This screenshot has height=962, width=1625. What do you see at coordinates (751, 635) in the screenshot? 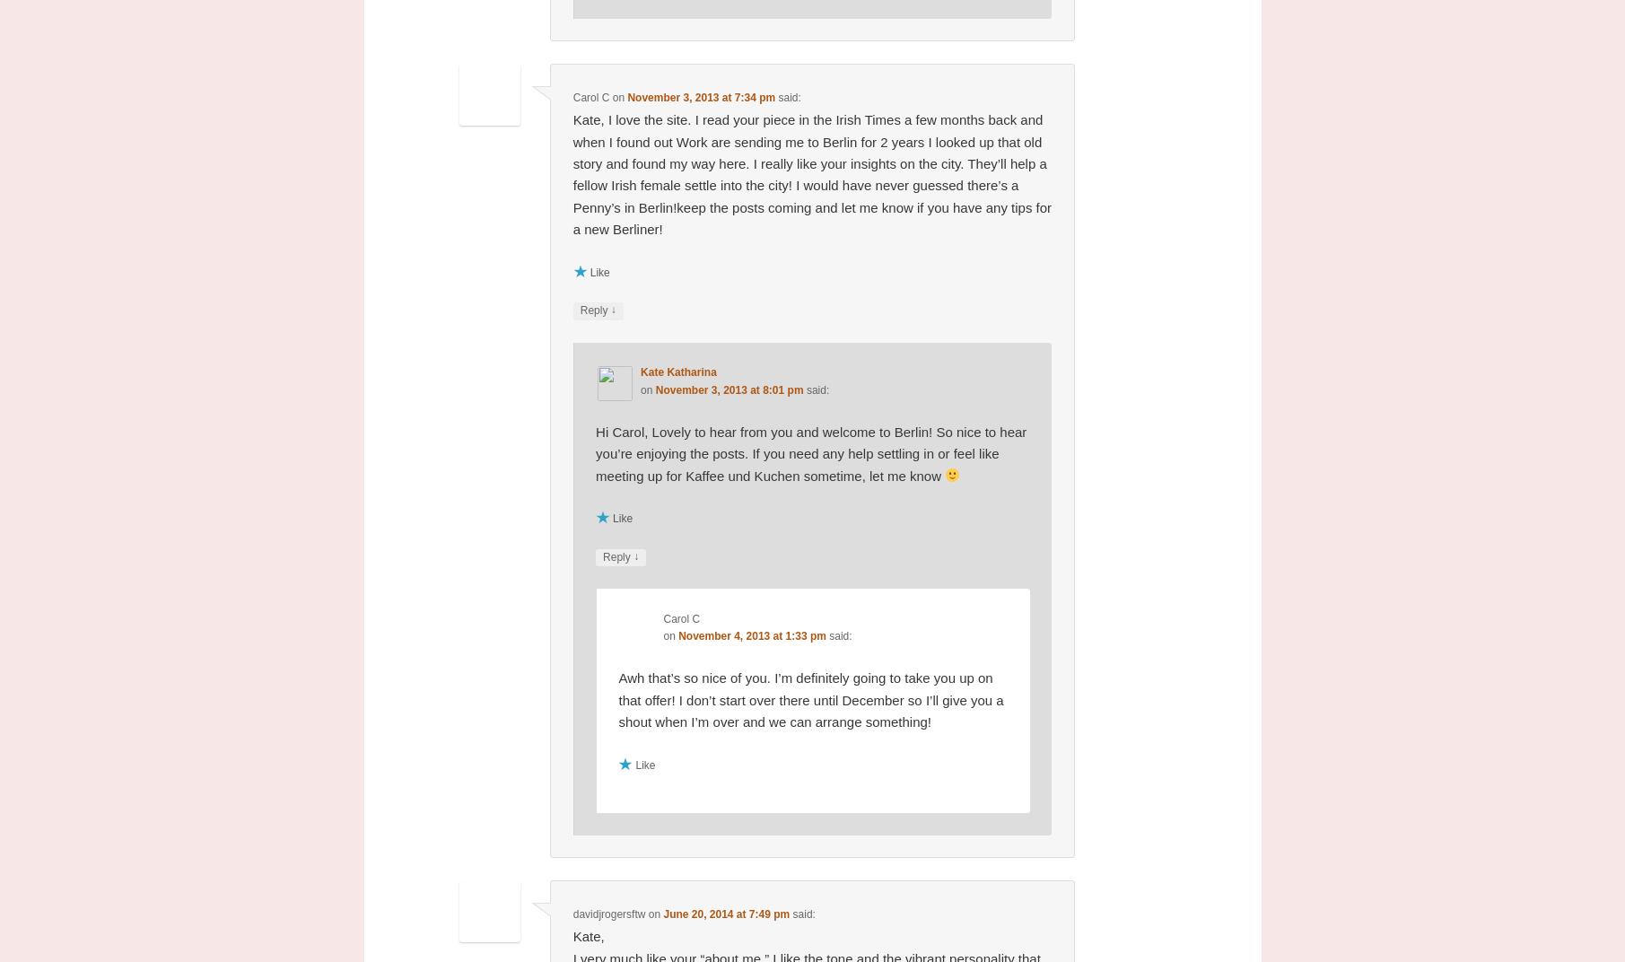
I see `'November 4, 2013 at 1:33 pm'` at bounding box center [751, 635].